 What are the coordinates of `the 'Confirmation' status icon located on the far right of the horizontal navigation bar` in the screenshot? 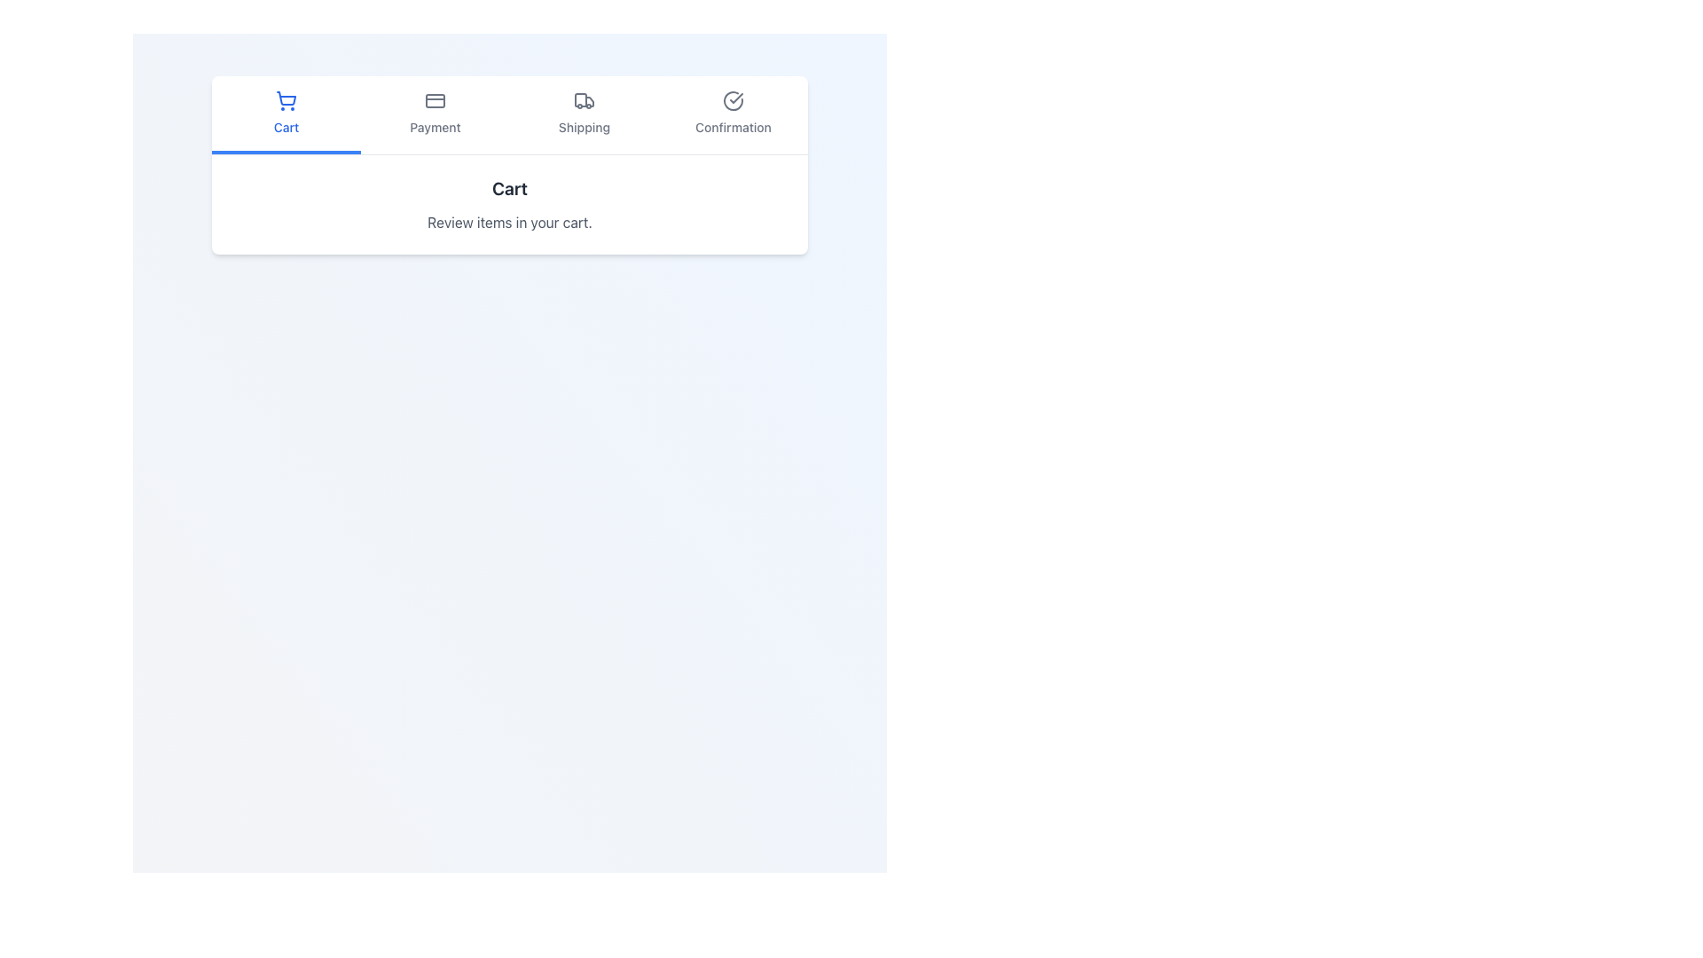 It's located at (736, 98).